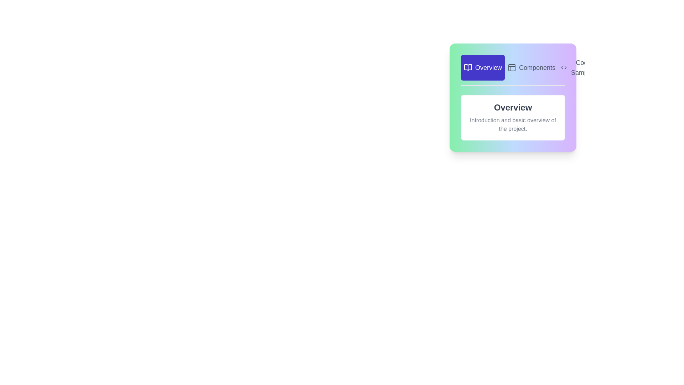  What do you see at coordinates (532, 67) in the screenshot?
I see `the Components tab to switch to its content` at bounding box center [532, 67].